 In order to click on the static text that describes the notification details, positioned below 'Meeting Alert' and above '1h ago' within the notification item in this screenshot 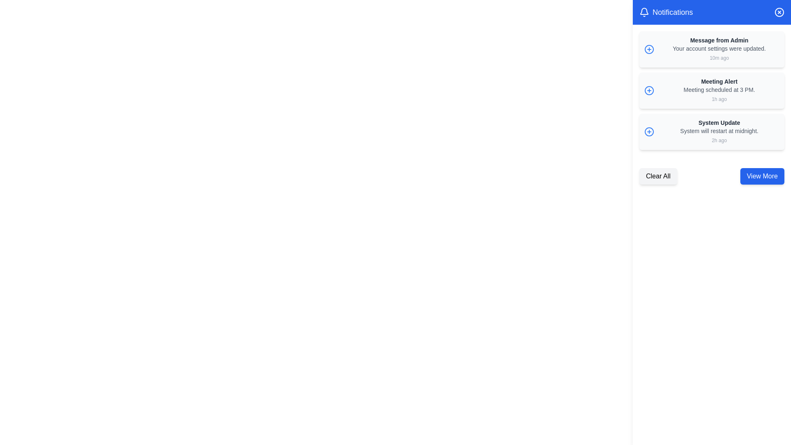, I will do `click(719, 90)`.